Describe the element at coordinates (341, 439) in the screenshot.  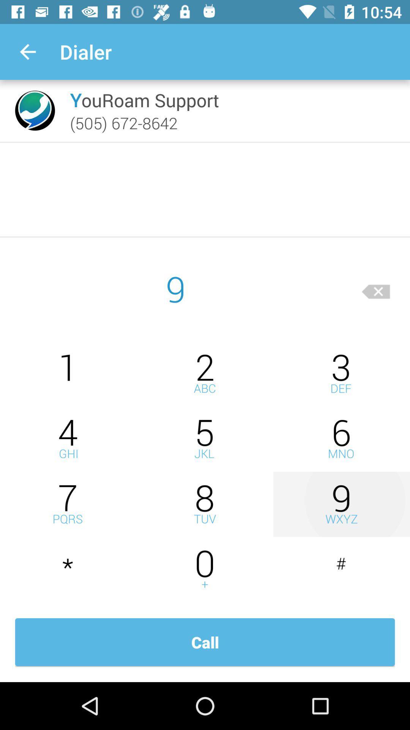
I see `six` at that location.